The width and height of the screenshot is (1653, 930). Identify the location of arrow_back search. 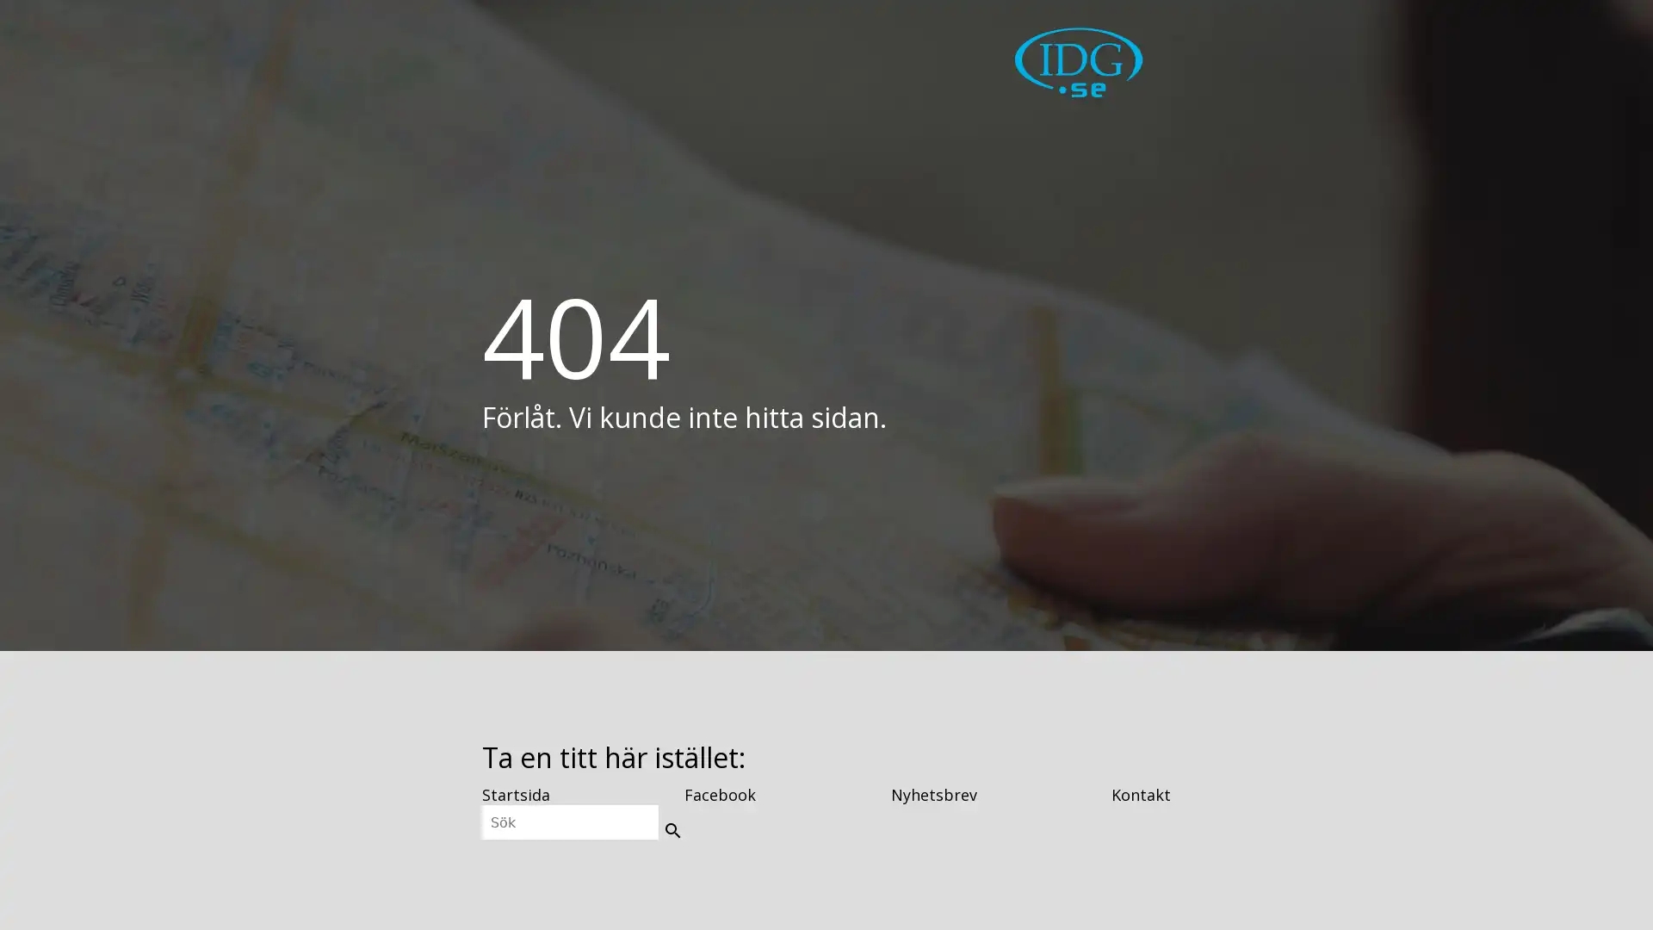
(670, 826).